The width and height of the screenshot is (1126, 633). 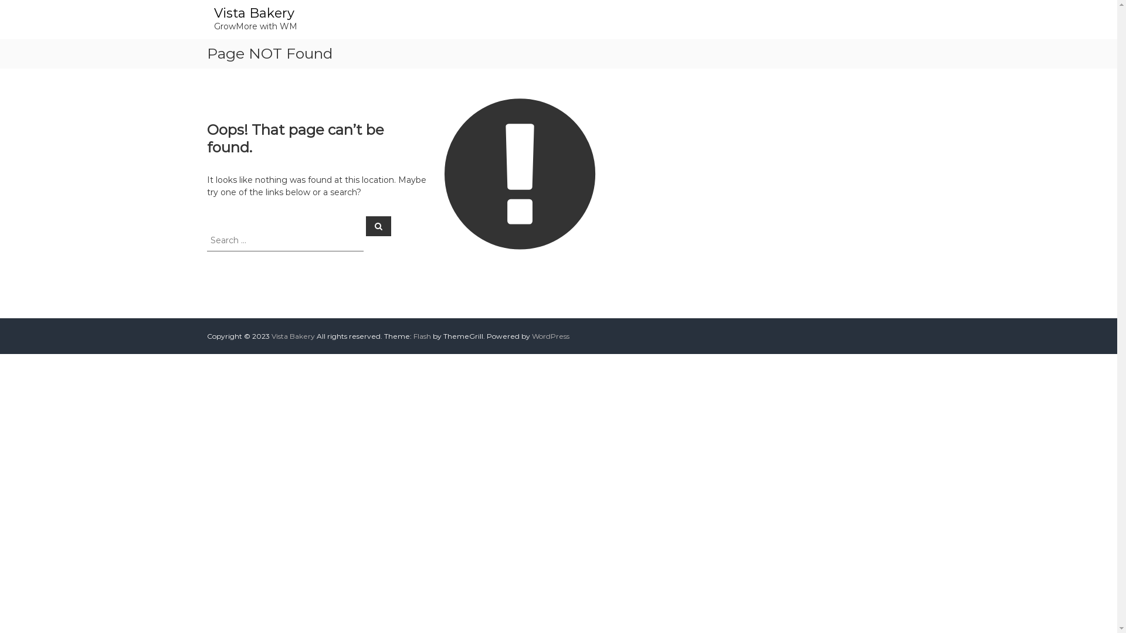 What do you see at coordinates (253, 13) in the screenshot?
I see `'Vista Bakery'` at bounding box center [253, 13].